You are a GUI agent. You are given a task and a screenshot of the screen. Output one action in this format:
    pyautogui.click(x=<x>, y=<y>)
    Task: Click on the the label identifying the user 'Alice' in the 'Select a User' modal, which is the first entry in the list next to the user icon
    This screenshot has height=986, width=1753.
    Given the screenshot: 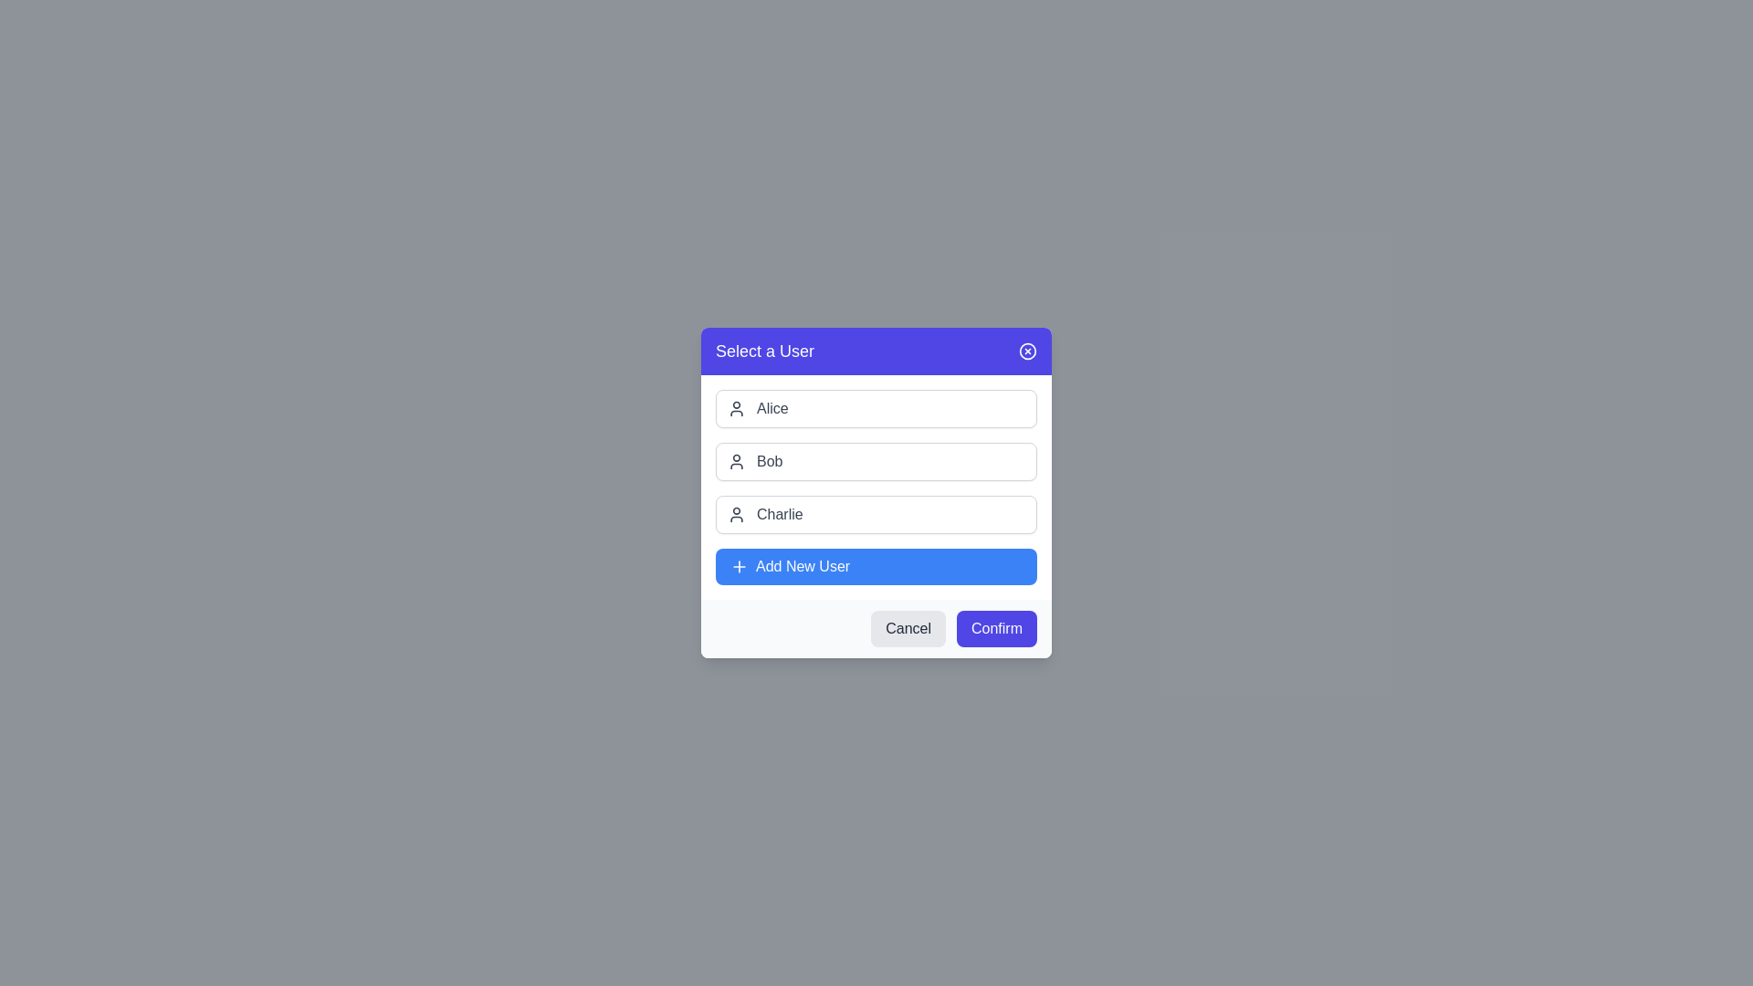 What is the action you would take?
    pyautogui.click(x=772, y=407)
    